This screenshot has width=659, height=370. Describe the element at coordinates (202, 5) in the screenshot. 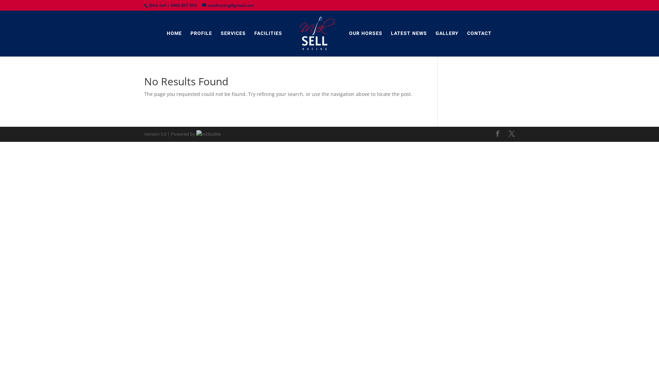

I see `'msellracing@gmail.com'` at that location.